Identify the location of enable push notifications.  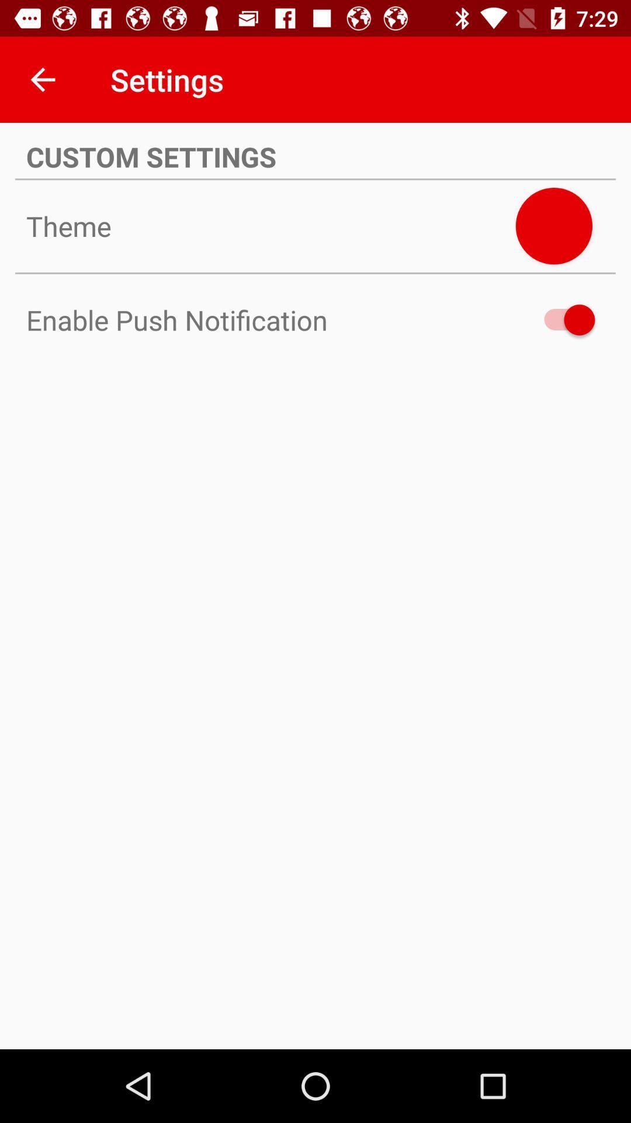
(563, 320).